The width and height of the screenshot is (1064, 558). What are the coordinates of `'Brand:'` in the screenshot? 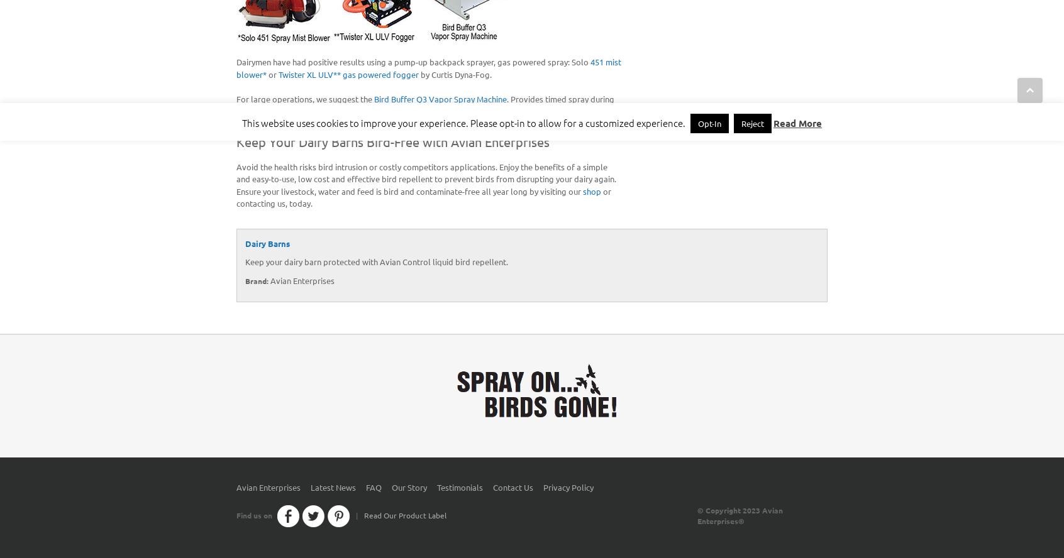 It's located at (257, 280).